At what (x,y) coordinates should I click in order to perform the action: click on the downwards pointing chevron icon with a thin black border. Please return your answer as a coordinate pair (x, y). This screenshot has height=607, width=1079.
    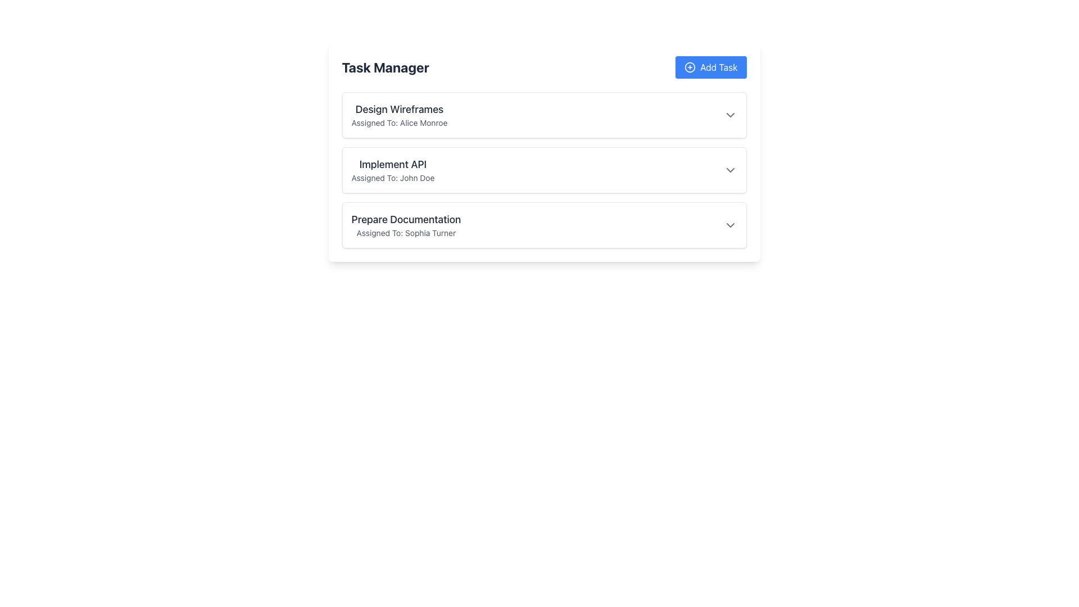
    Looking at the image, I should click on (730, 225).